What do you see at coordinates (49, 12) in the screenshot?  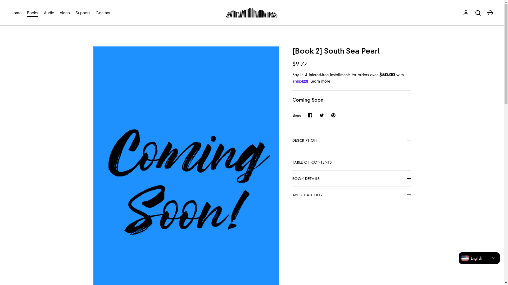 I see `'Audio'` at bounding box center [49, 12].